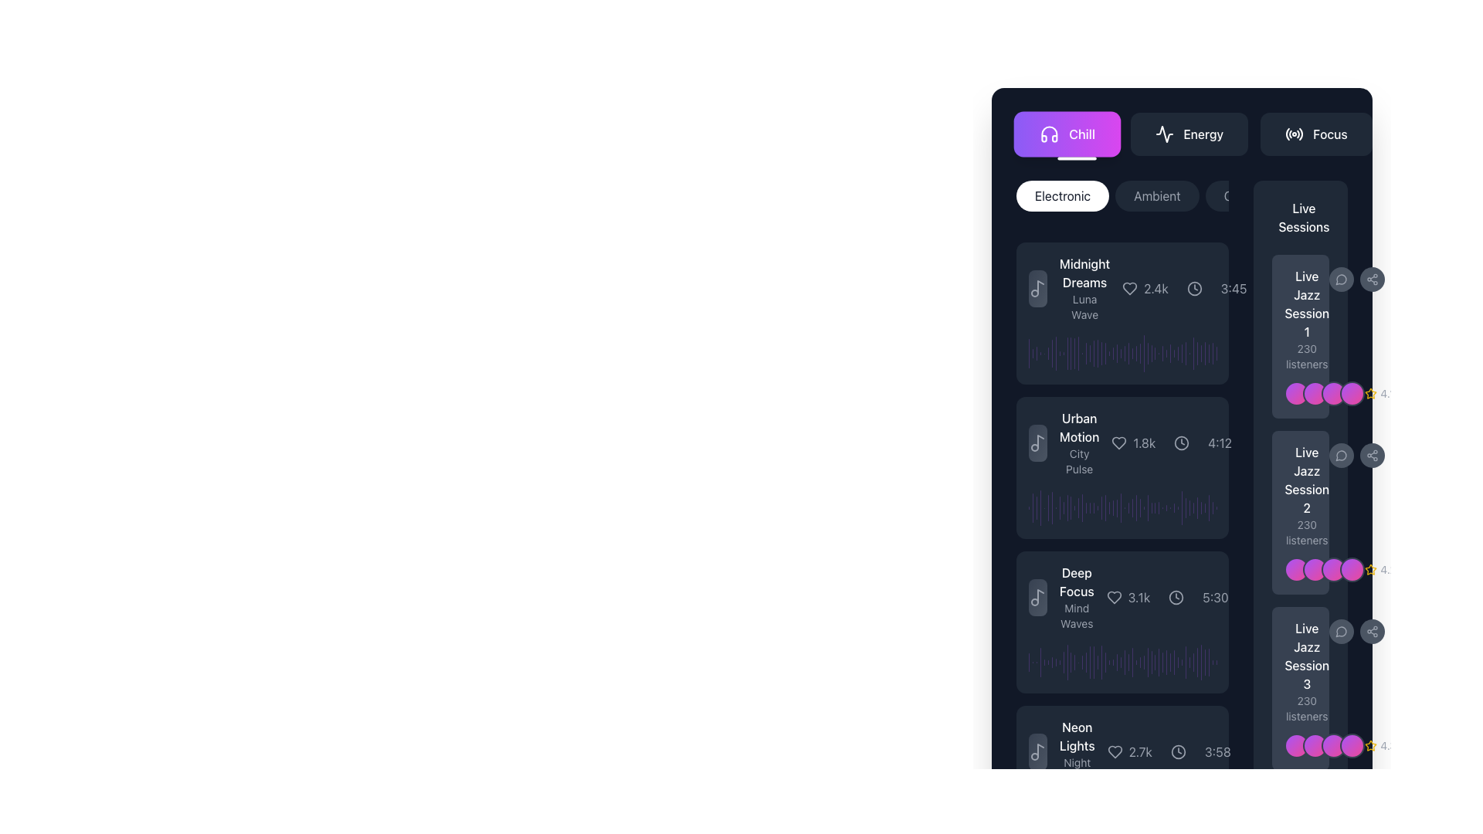 The width and height of the screenshot is (1483, 834). What do you see at coordinates (1038, 597) in the screenshot?
I see `the music track icon located to the left of the 'Deep Focus' audio track information in the list` at bounding box center [1038, 597].